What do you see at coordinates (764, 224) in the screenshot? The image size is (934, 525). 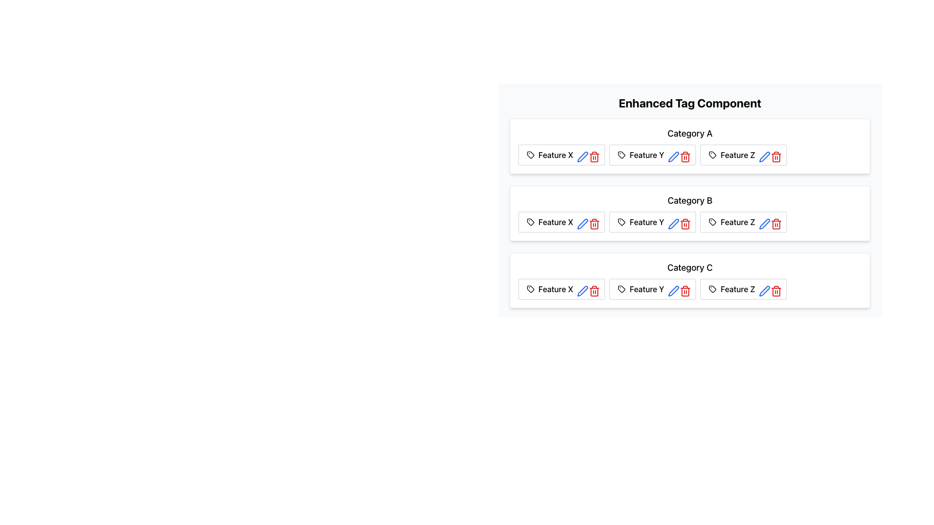 I see `the edit button represented by a blue pen icon, located to the right of the 'Feature Z' label in 'Category B', to initiate editing` at bounding box center [764, 224].